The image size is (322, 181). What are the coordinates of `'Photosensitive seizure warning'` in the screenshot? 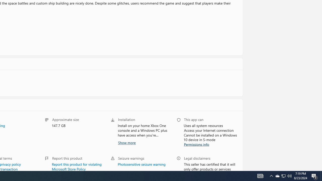 It's located at (141, 164).